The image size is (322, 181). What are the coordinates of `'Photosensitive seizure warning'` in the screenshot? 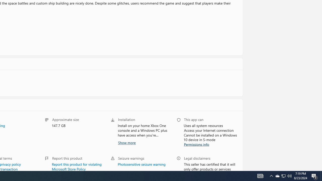 It's located at (141, 164).